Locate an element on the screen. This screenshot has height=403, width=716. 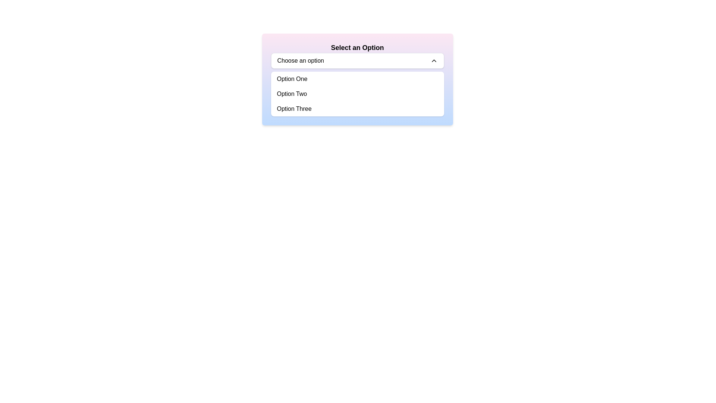
the chevron-up icon located at the top-right corner of the dropdown menu next to the text 'Choose an option' is located at coordinates (434, 60).